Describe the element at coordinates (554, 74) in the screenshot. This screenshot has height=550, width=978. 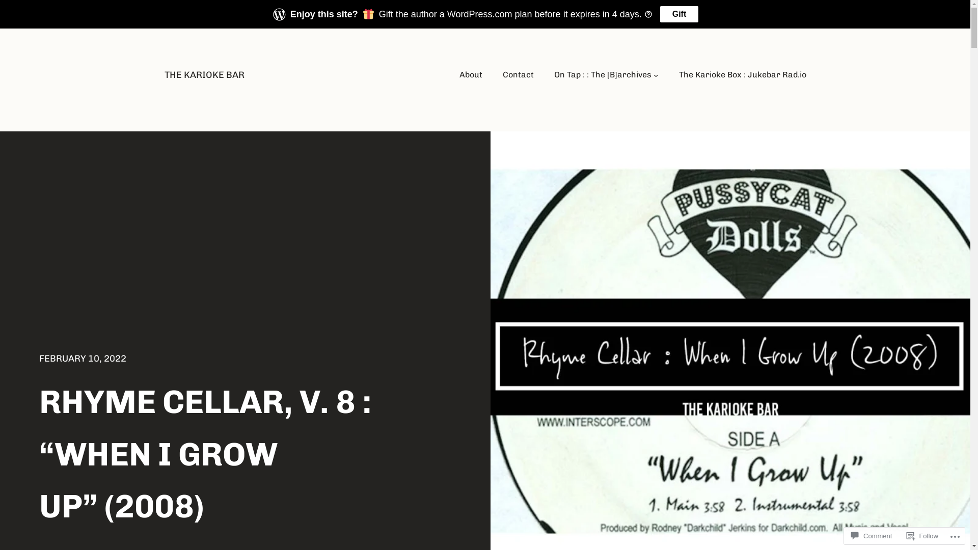
I see `'On Tap : : The [B]archives'` at that location.